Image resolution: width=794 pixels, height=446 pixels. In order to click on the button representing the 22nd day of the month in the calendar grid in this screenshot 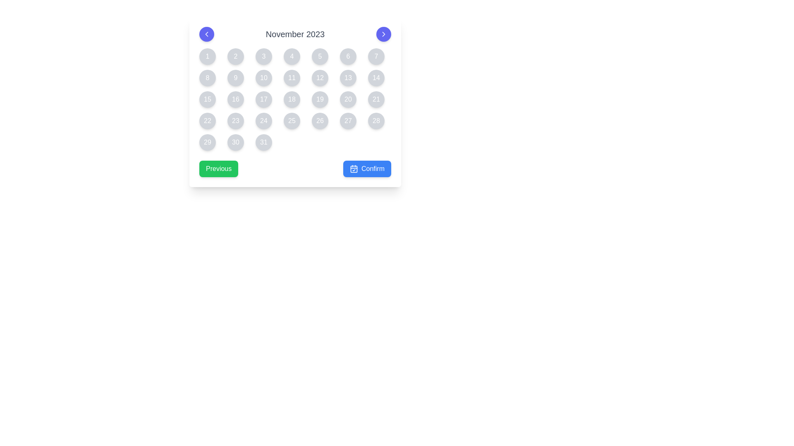, I will do `click(208, 121)`.